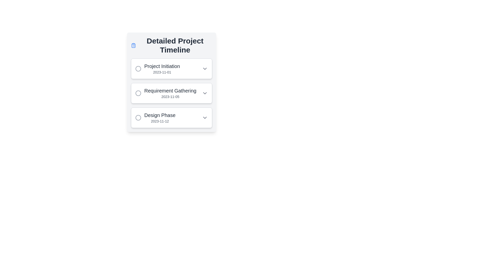 This screenshot has height=270, width=481. What do you see at coordinates (138, 68) in the screenshot?
I see `the circular icon located to the left of the text 'Project Initiation' and its date '2023-11-01', which is the first element in a vertical list` at bounding box center [138, 68].